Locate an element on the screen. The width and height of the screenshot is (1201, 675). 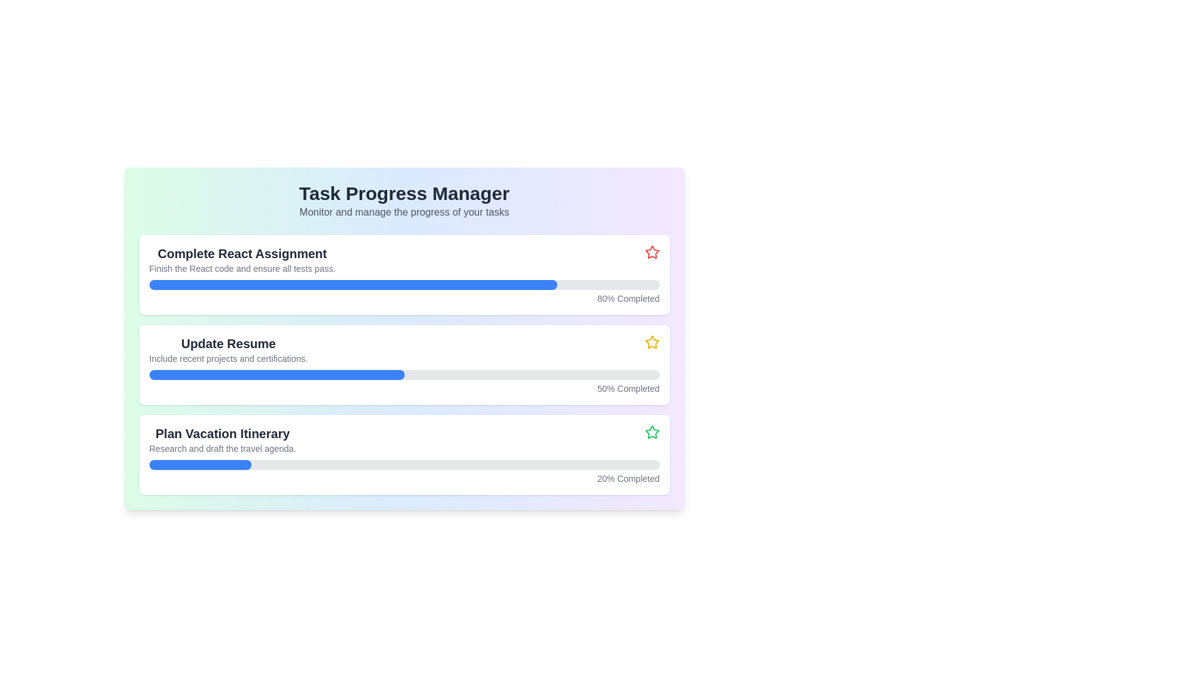
the progress bar located in the third task card labeled 'Plan Vacation Itinerary', which visually represents the completion percentage of the associated task is located at coordinates (404, 465).